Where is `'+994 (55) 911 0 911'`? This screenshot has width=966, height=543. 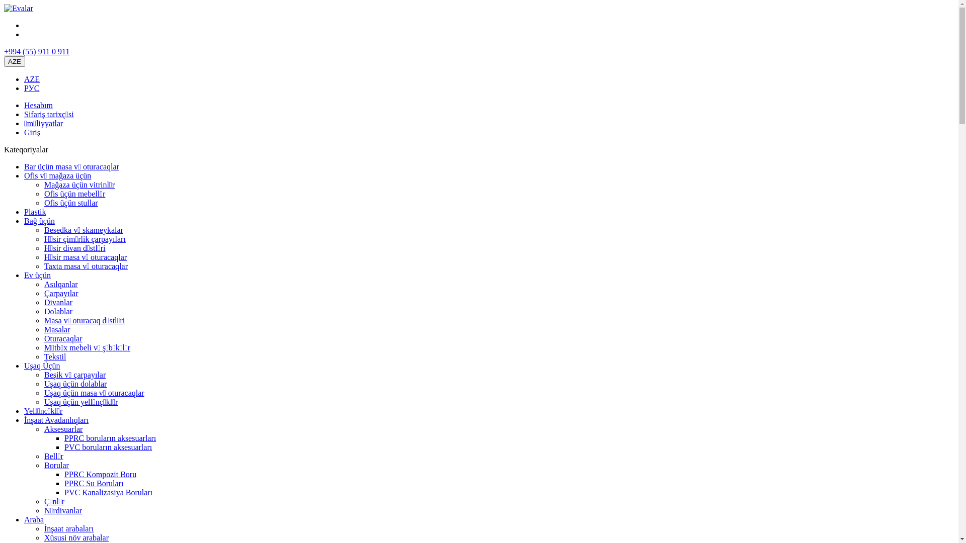
'+994 (55) 911 0 911' is located at coordinates (37, 51).